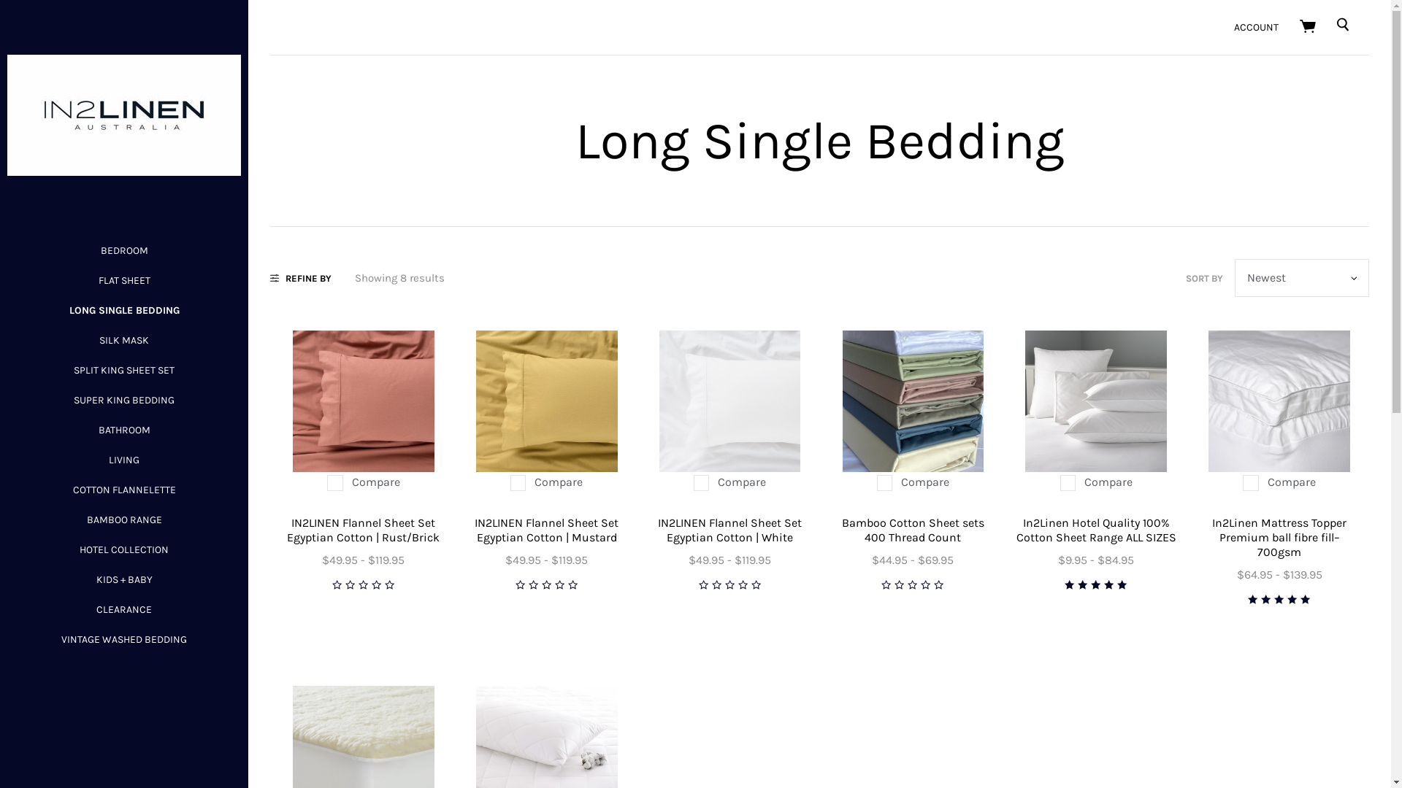  I want to click on 'COTTON FLANNELETTE', so click(124, 490).